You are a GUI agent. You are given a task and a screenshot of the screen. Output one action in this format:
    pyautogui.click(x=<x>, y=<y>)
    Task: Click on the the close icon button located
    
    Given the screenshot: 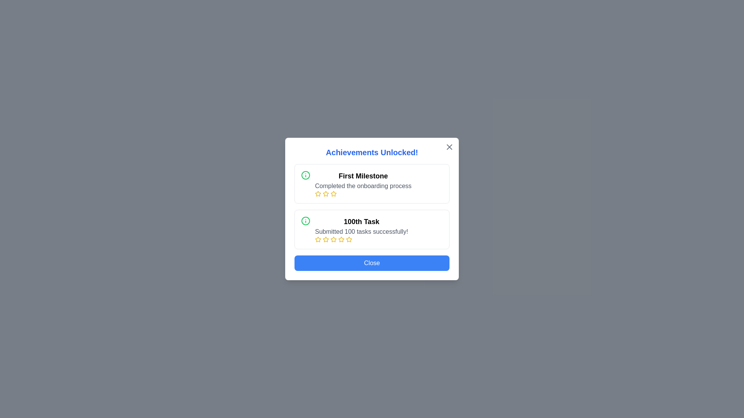 What is the action you would take?
    pyautogui.click(x=449, y=147)
    